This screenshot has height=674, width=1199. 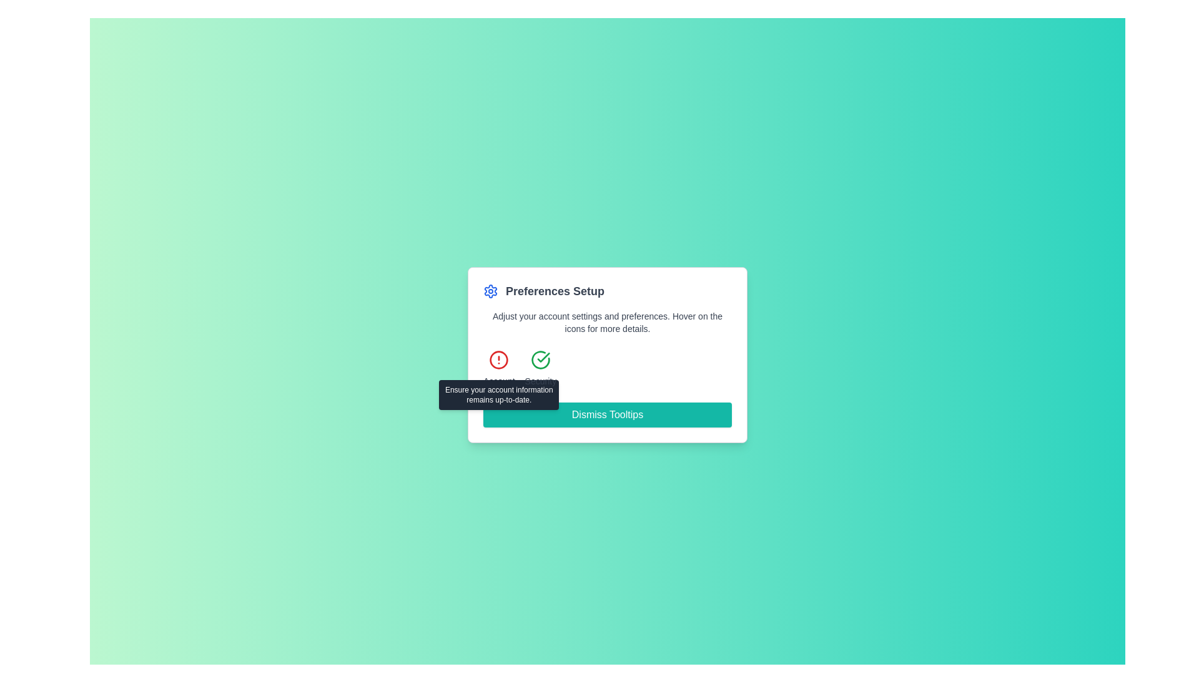 I want to click on the tooltip with the dark-gray background displaying the text 'Ensure your account information remains up-to-date.', so click(x=498, y=394).